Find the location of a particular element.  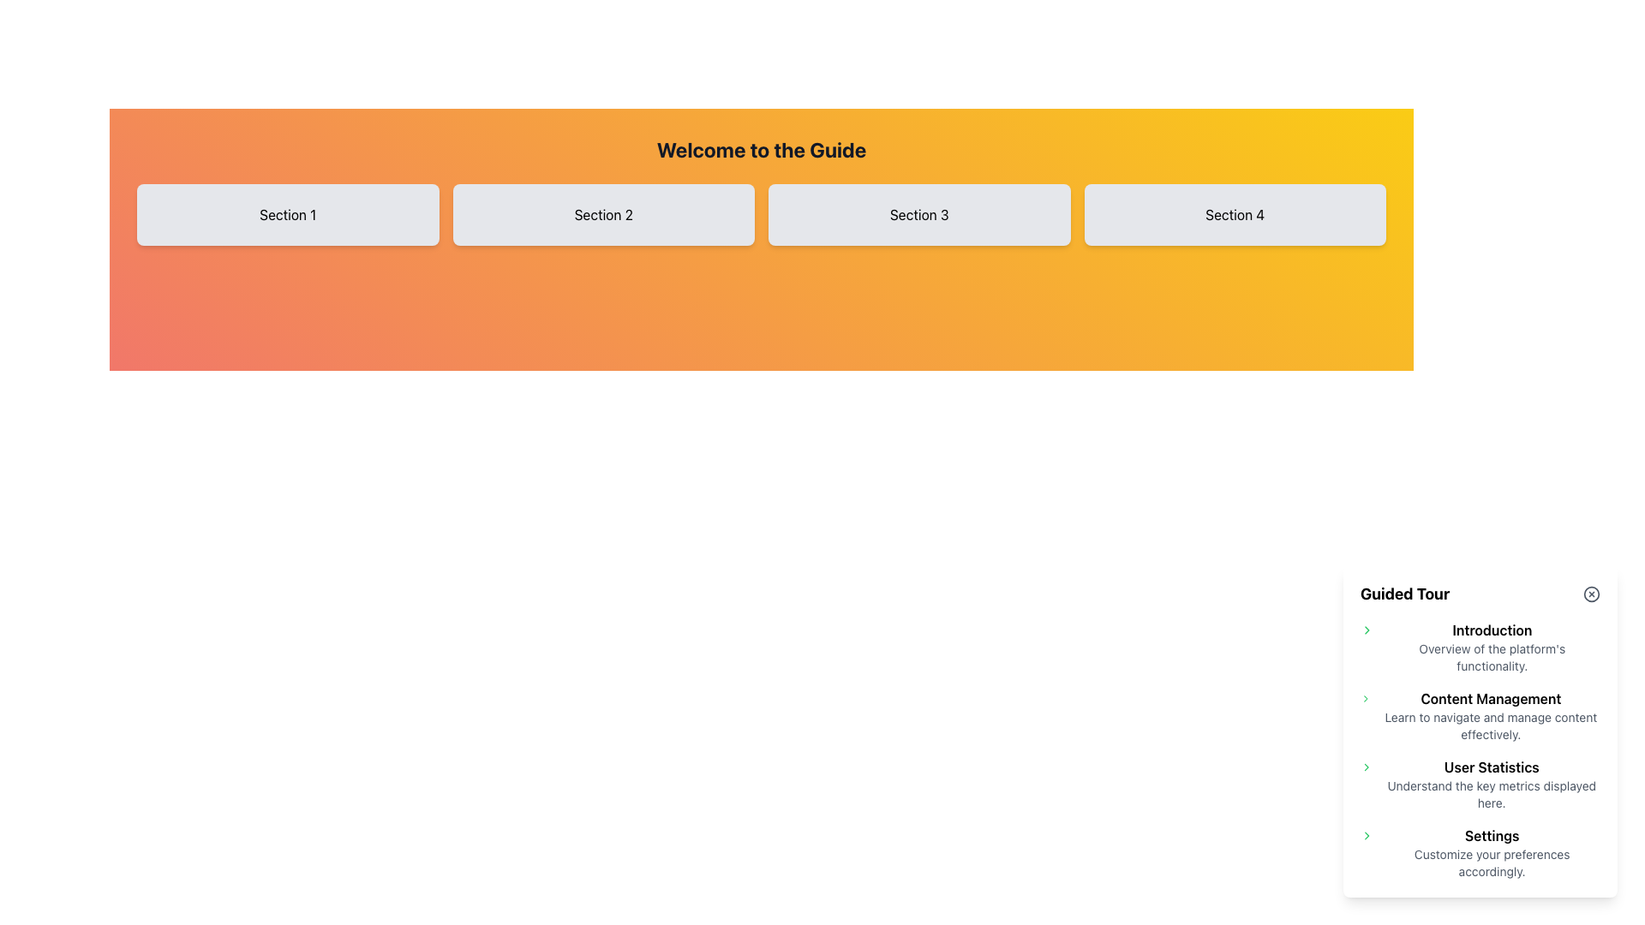

the chevron icon located in the right-hand sidebar within the 'Guided Tour' card, positioned to the left of the 'Introduction' title text is located at coordinates (1366, 630).